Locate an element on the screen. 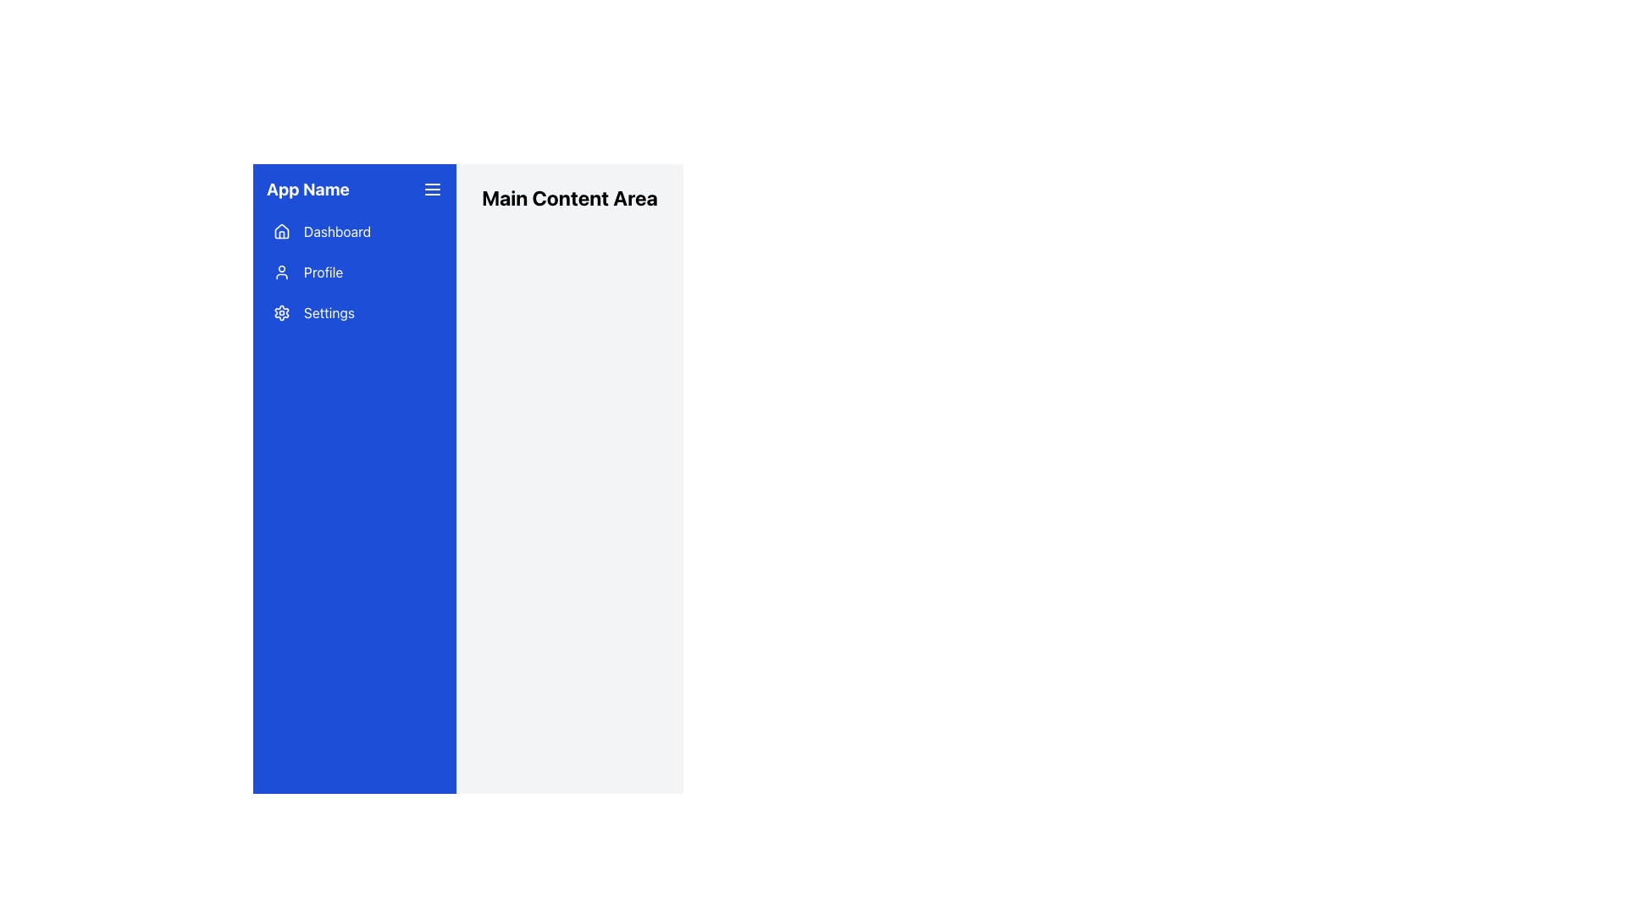 The image size is (1626, 914). the vertical menu component located in the sidebar is located at coordinates (353, 271).